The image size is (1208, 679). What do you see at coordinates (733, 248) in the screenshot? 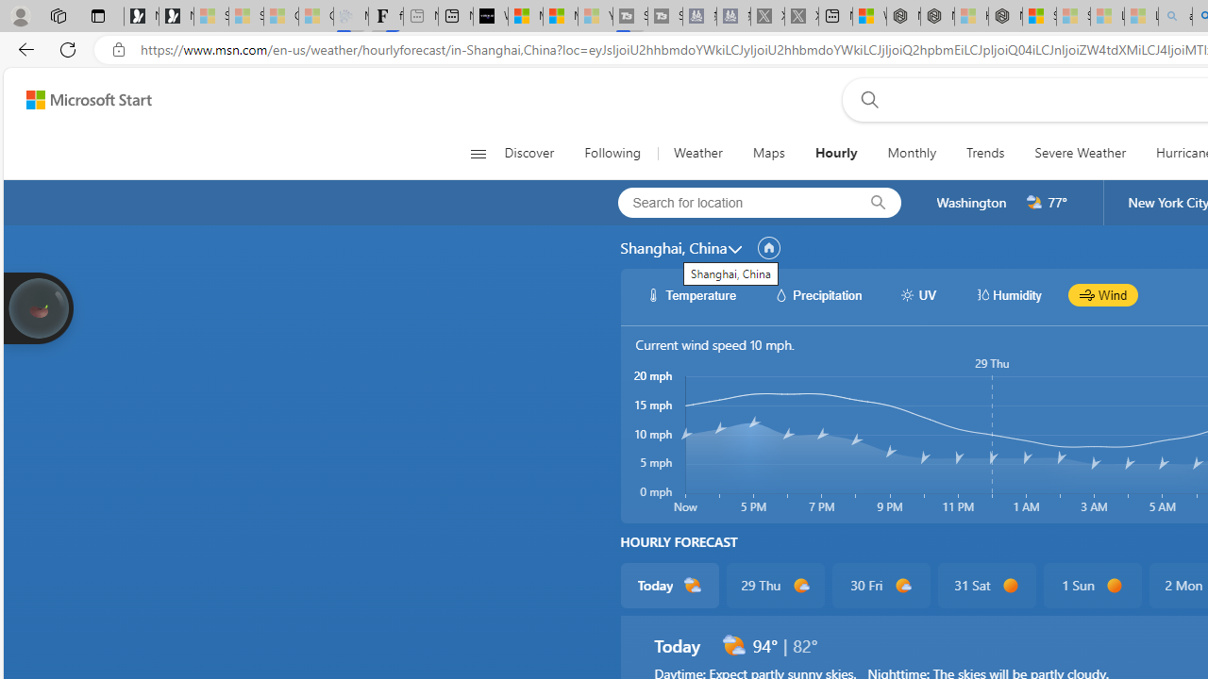
I see `'common/carouselChevron'` at bounding box center [733, 248].